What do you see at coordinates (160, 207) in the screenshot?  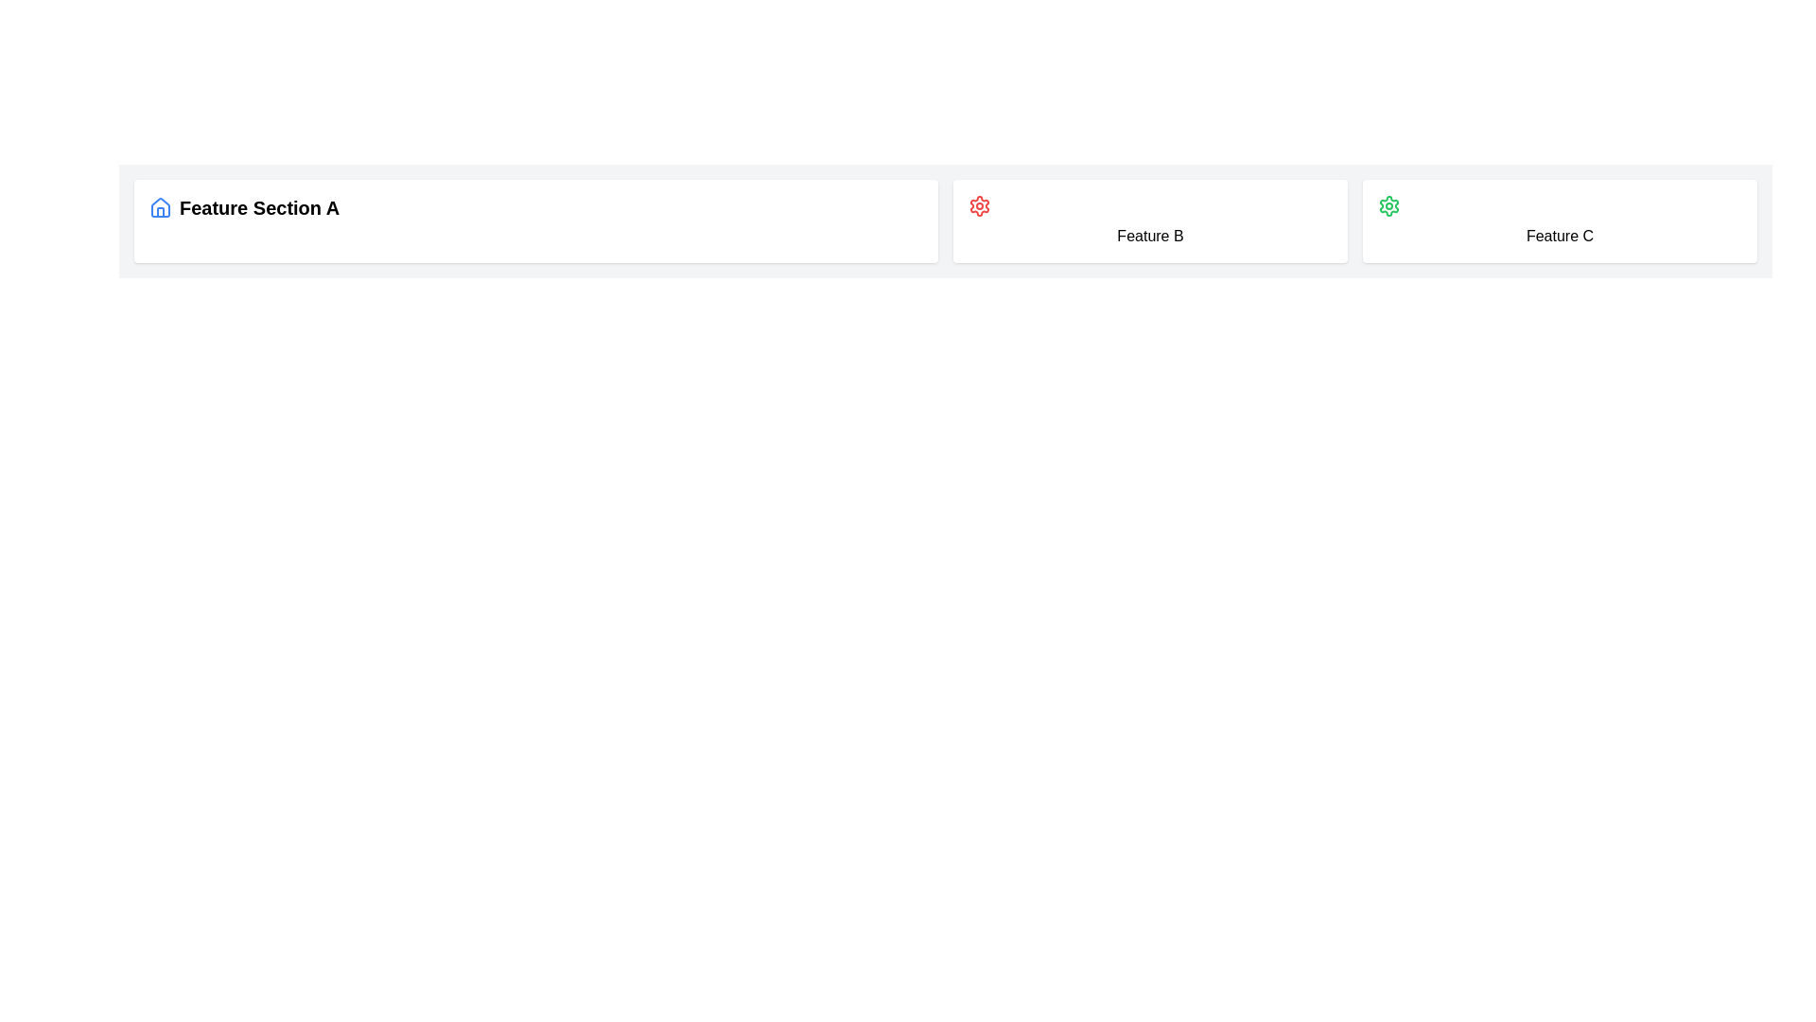 I see `the icon representing 'Feature Section A'` at bounding box center [160, 207].